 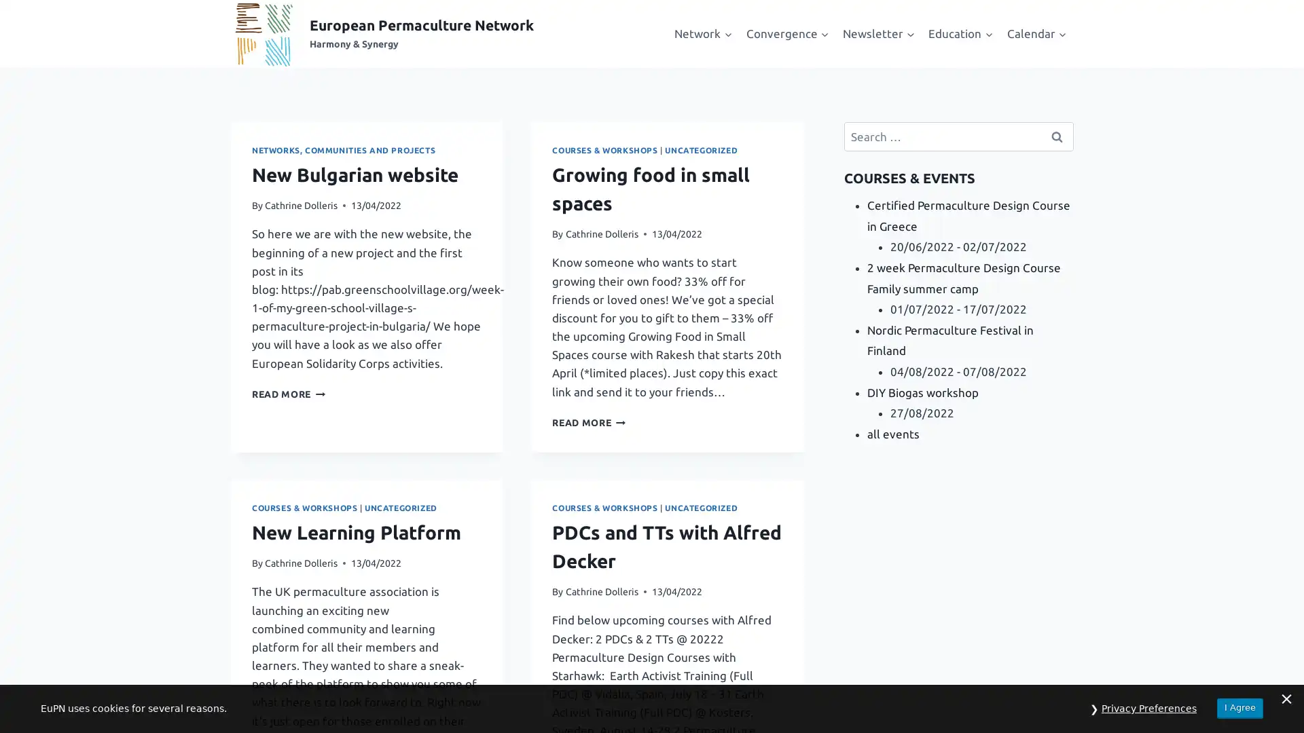 I want to click on Expand child menu, so click(x=703, y=33).